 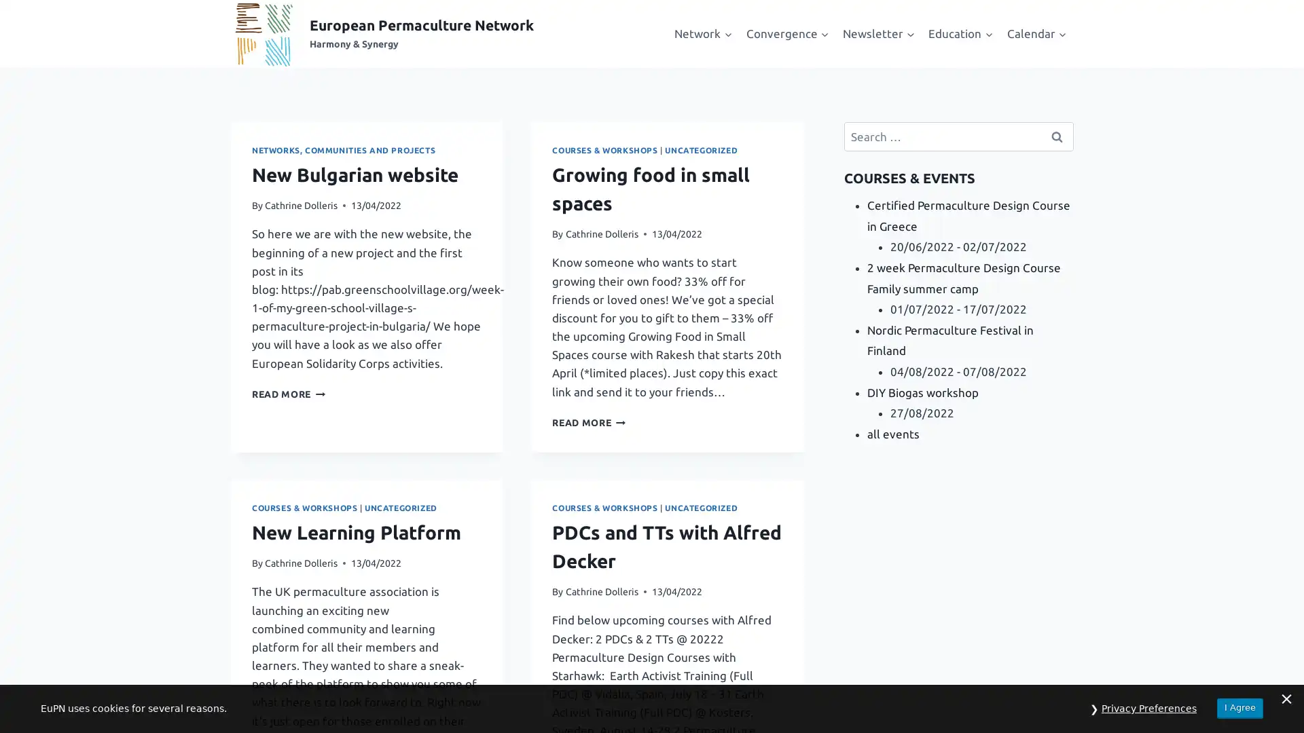 I want to click on Expand child menu, so click(x=703, y=33).